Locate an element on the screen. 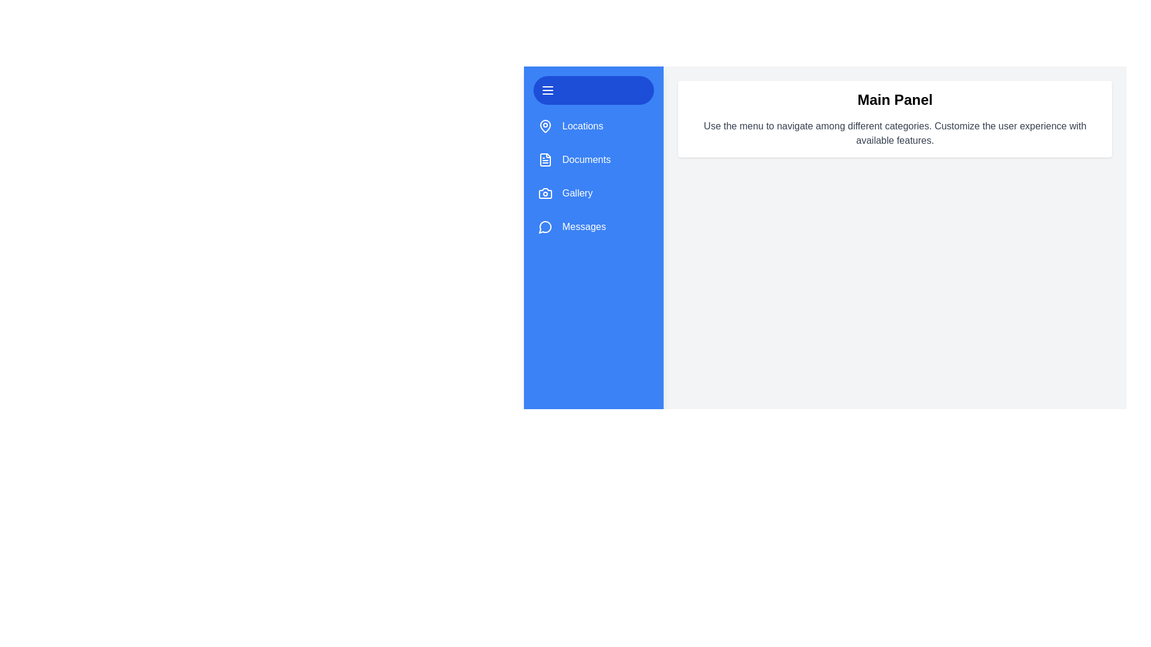 Image resolution: width=1151 pixels, height=647 pixels. the icon for the category Gallery to inspect it is located at coordinates (545, 193).